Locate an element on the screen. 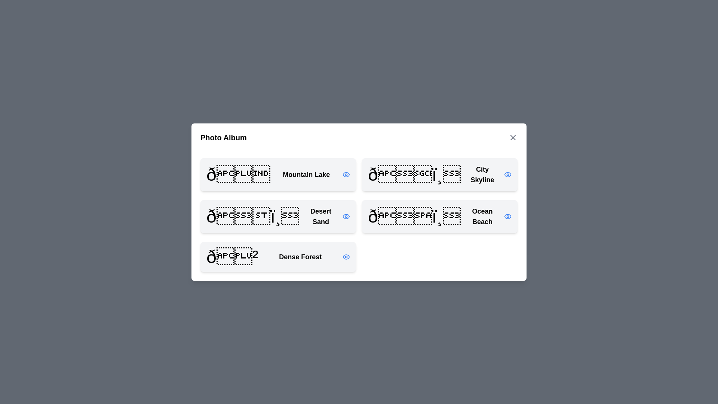 The image size is (718, 404). 'eye' icon next to the photo titled 'Mountain Lake' to view it in detail is located at coordinates (346, 174).